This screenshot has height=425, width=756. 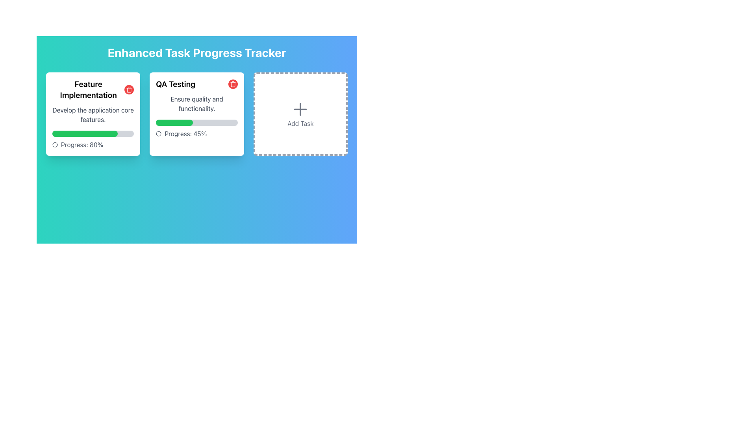 I want to click on the progress indicator text displaying 'Progress: 80%' below the green progress bar in the first task card labeled 'Feature Implementation', so click(x=93, y=144).